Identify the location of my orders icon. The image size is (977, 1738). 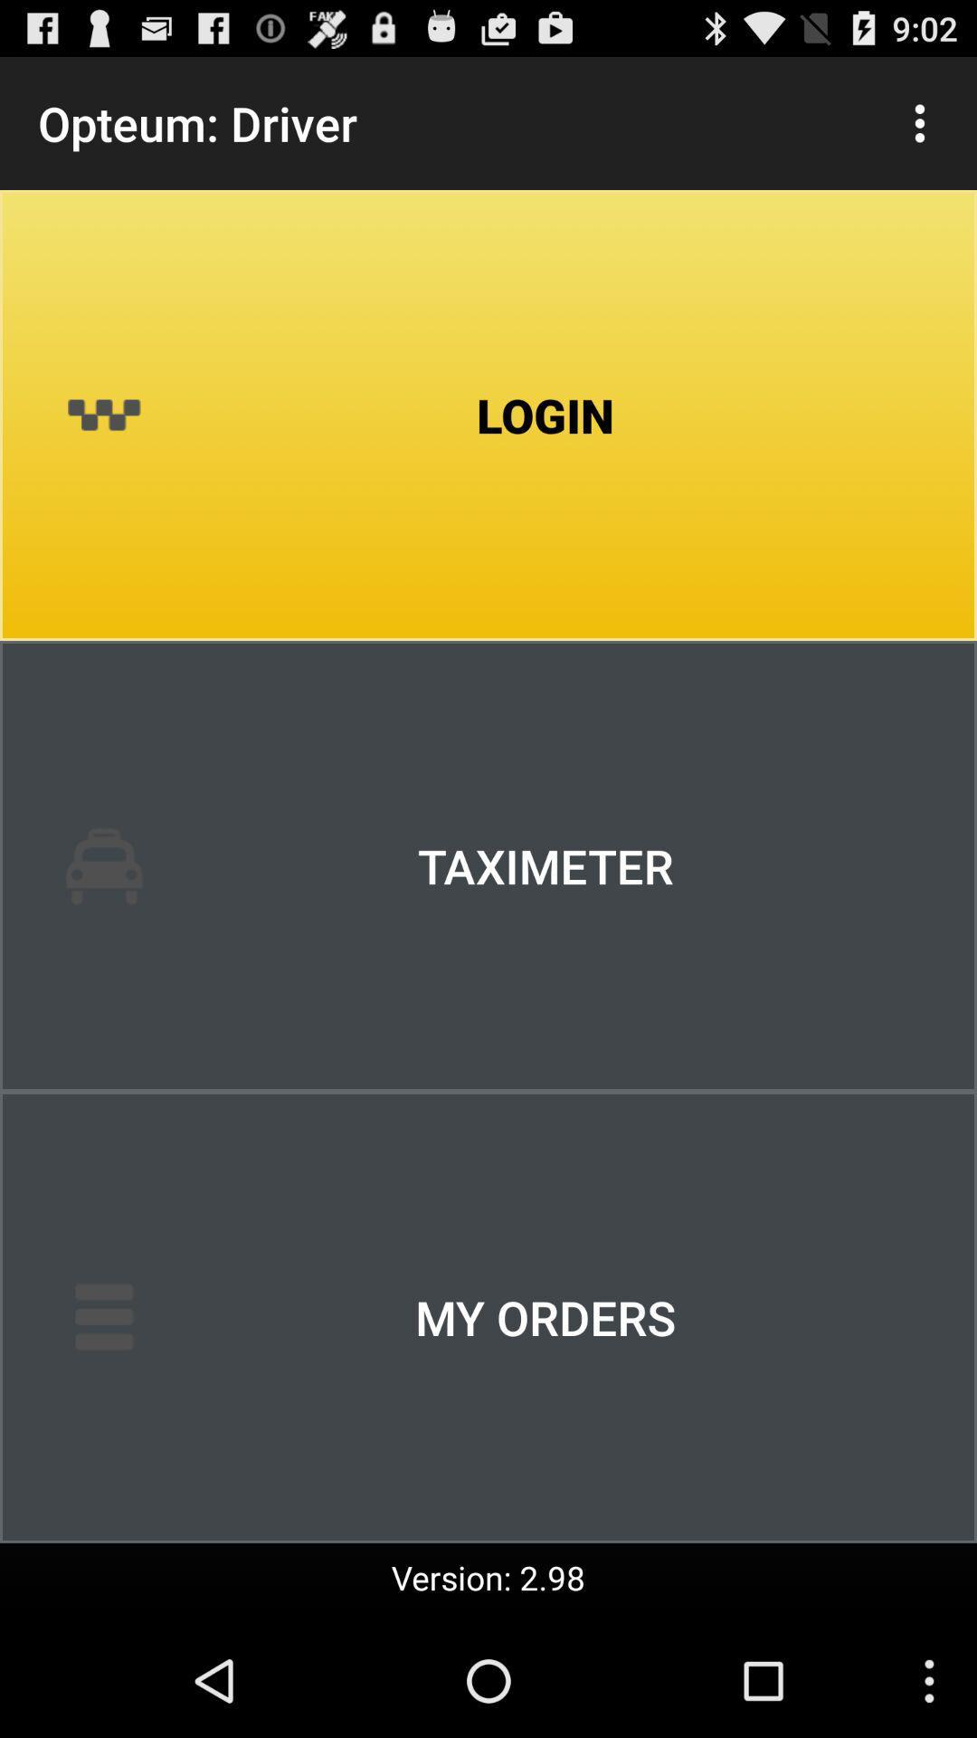
(488, 1317).